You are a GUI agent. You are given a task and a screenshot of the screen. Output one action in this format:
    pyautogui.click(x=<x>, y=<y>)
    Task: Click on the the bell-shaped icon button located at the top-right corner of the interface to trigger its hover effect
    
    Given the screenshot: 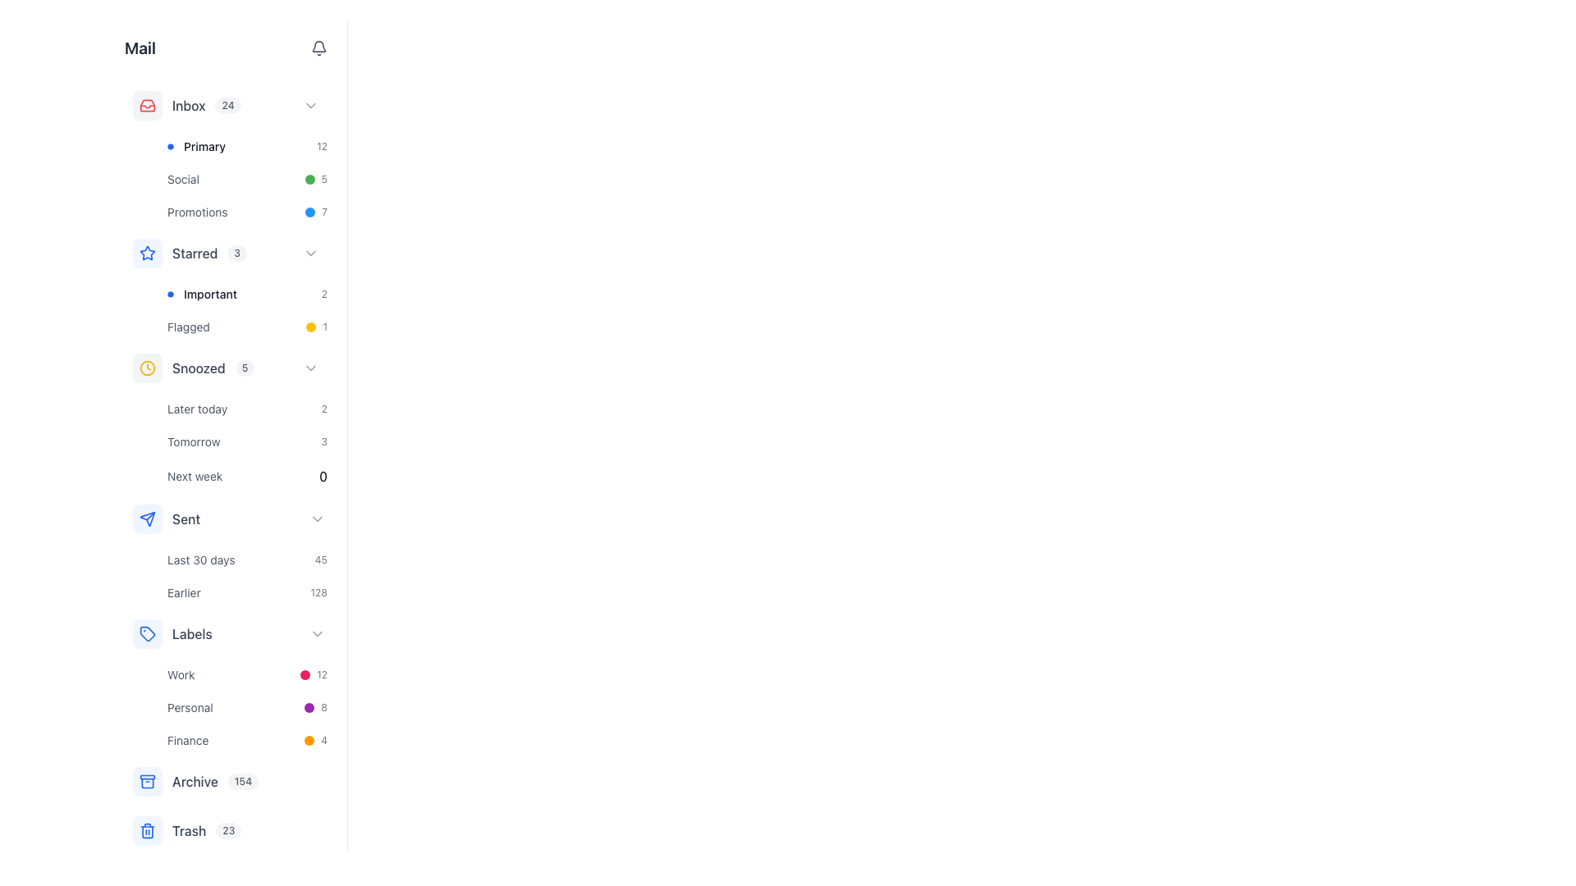 What is the action you would take?
    pyautogui.click(x=318, y=47)
    